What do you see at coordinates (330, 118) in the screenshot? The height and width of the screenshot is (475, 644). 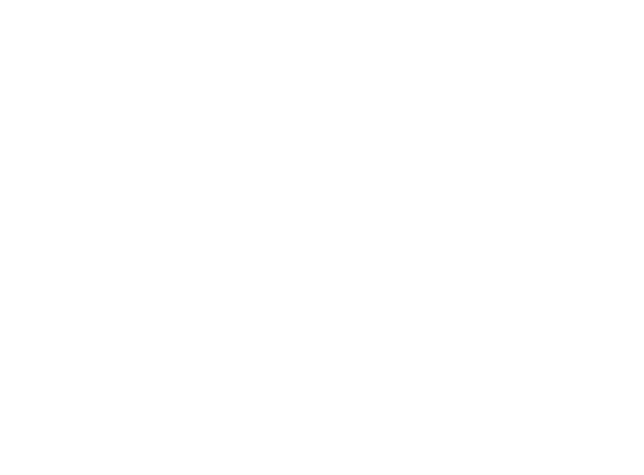 I see `'United for a Cause: Duke’s Doing Good Employee Giving Campaign'` at bounding box center [330, 118].